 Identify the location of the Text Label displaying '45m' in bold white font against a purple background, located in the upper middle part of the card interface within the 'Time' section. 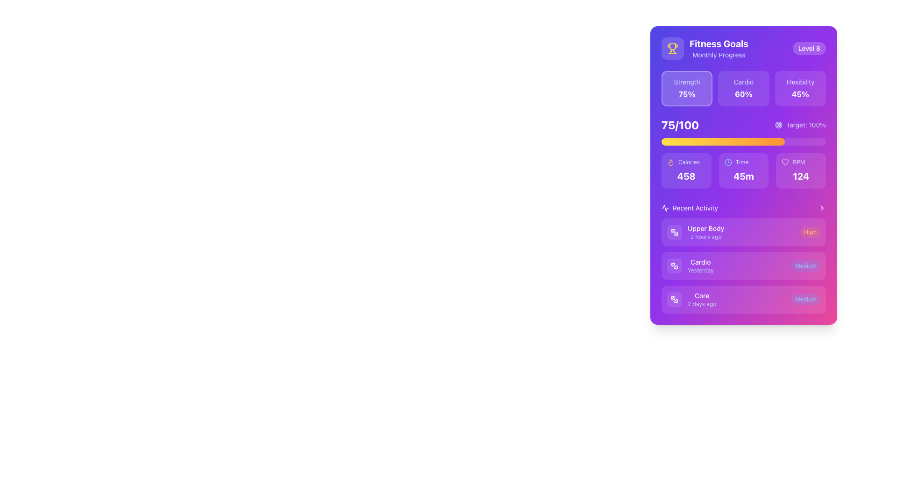
(743, 176).